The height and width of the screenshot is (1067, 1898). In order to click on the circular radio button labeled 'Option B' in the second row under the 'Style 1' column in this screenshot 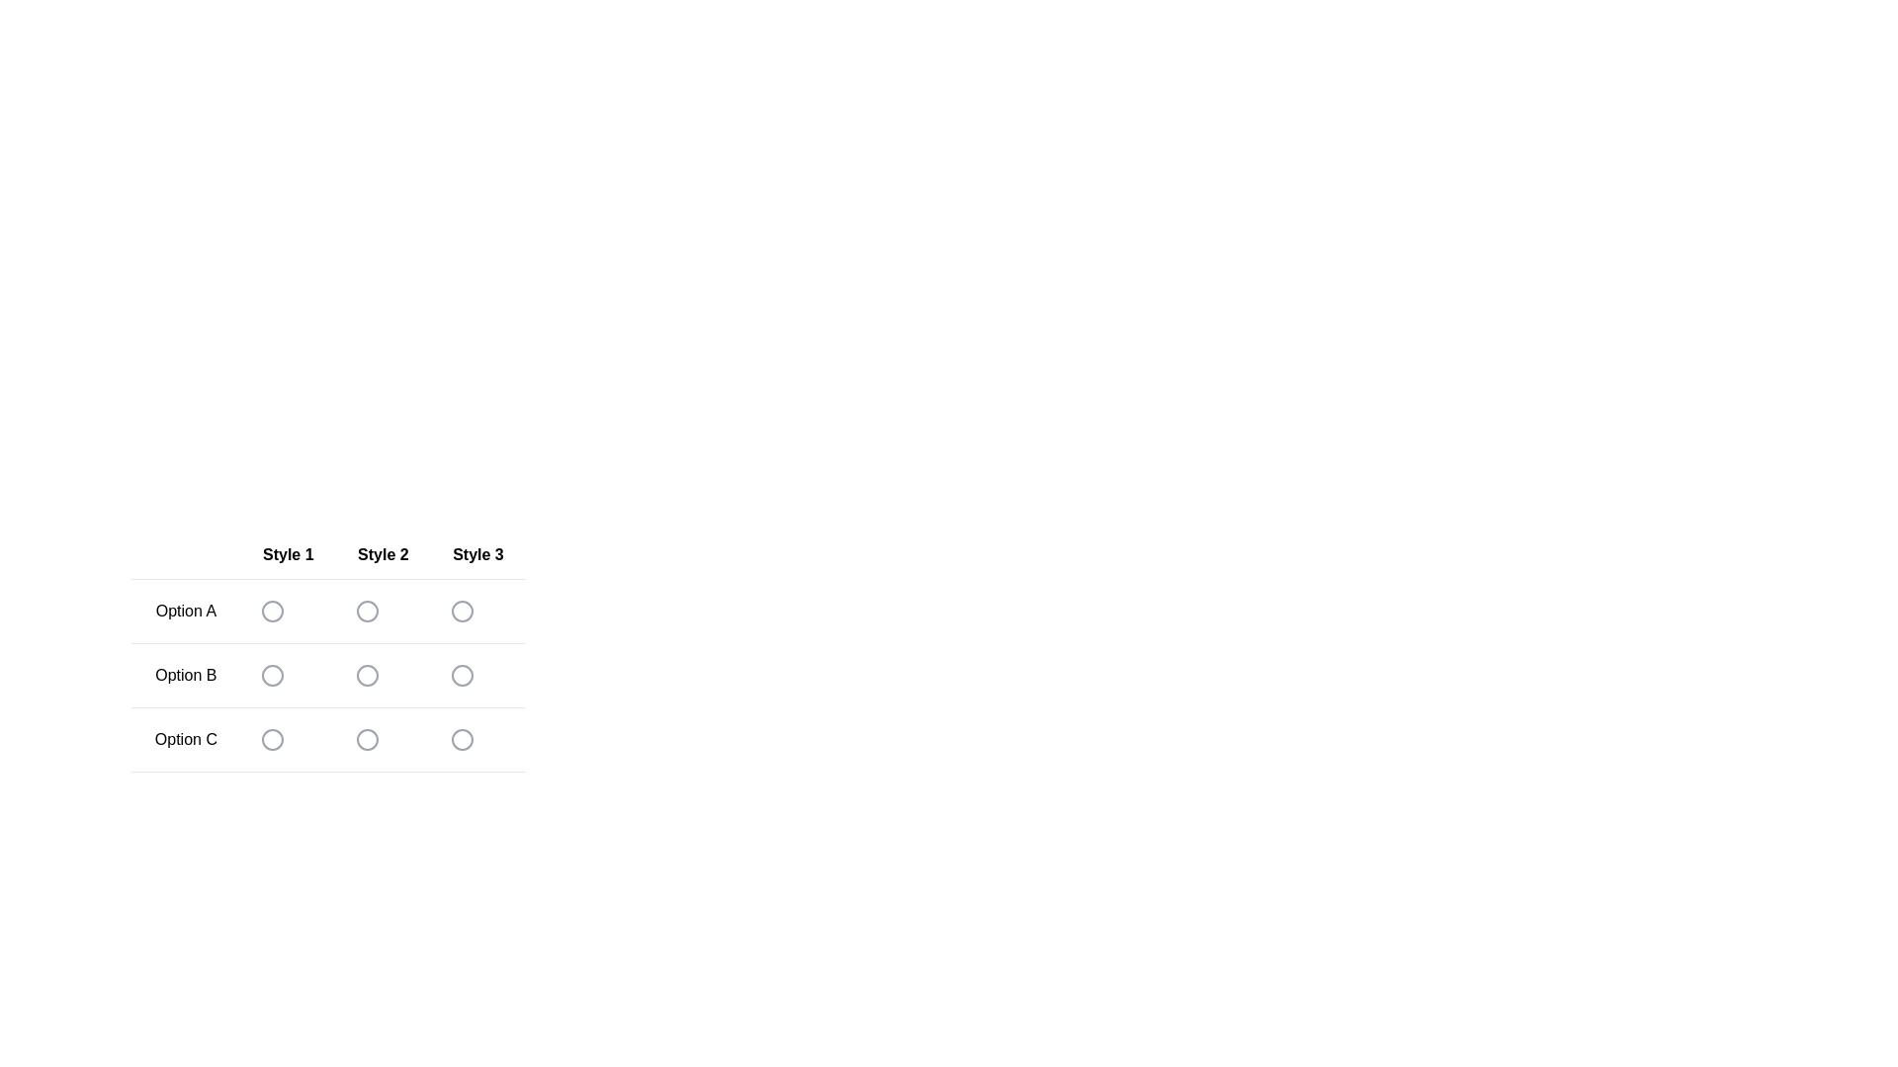, I will do `click(271, 674)`.